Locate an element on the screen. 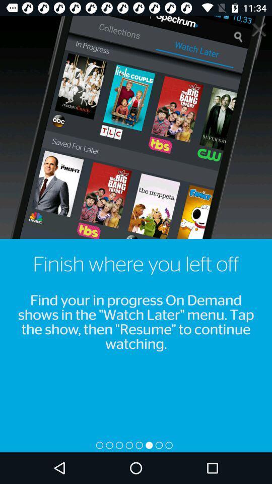 This screenshot has height=484, width=272. info panel button is located at coordinates (258, 28).